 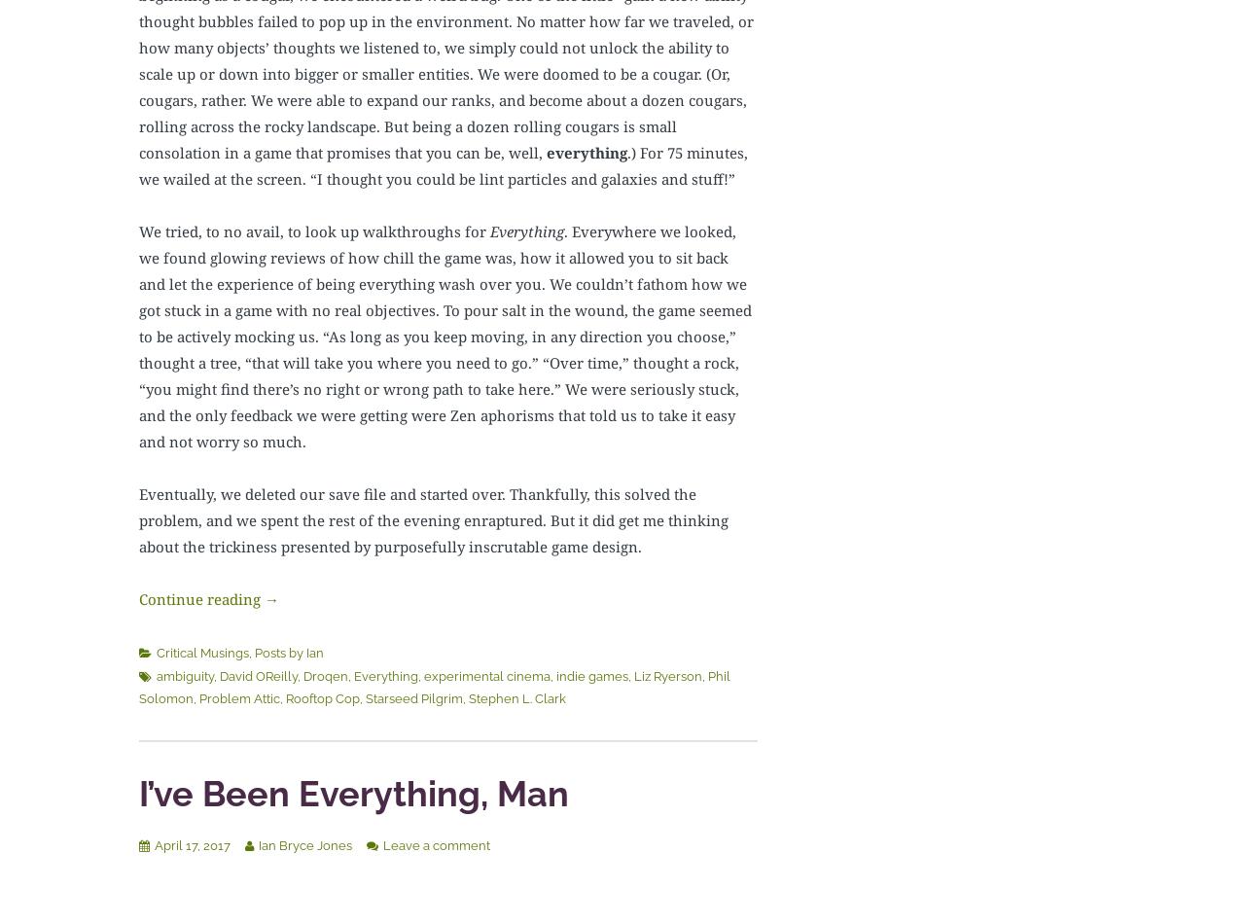 What do you see at coordinates (486, 675) in the screenshot?
I see `'experimental cinema'` at bounding box center [486, 675].